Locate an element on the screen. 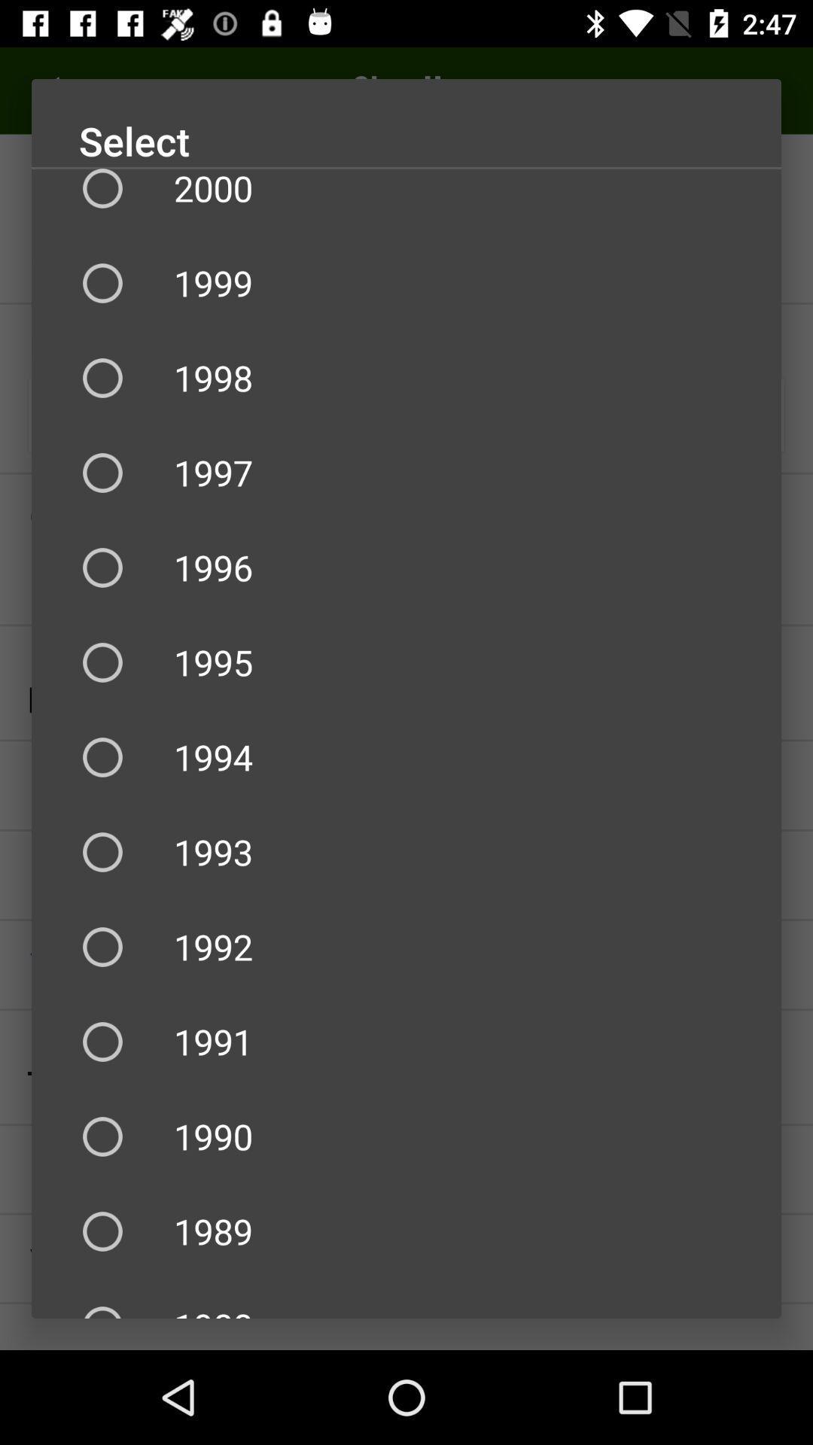  the 1998 is located at coordinates (406, 378).